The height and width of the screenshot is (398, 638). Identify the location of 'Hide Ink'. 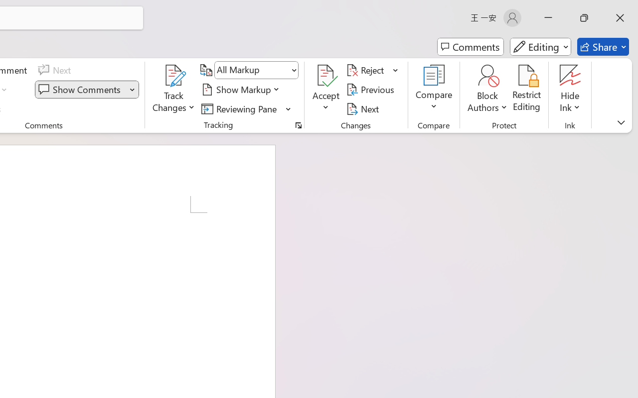
(570, 75).